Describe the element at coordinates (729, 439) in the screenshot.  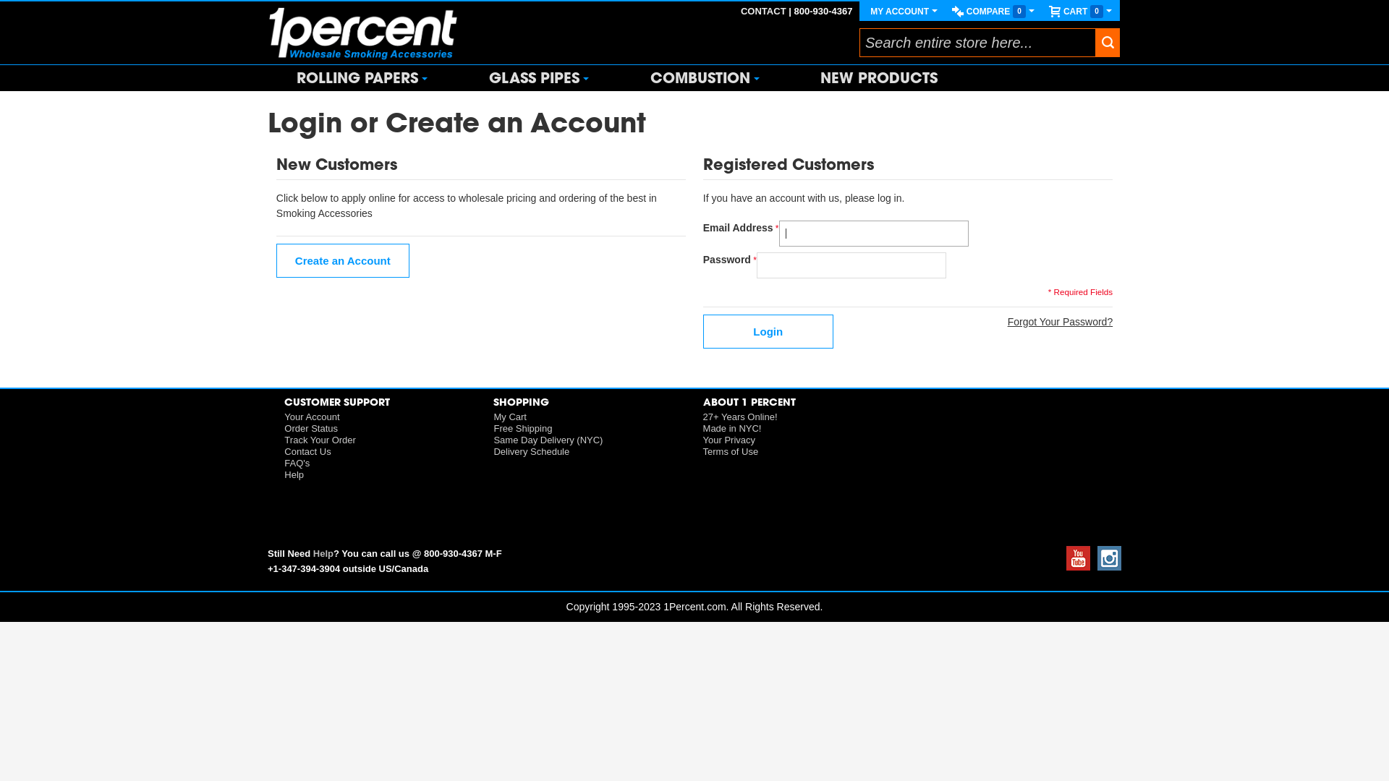
I see `'Your Privacy'` at that location.